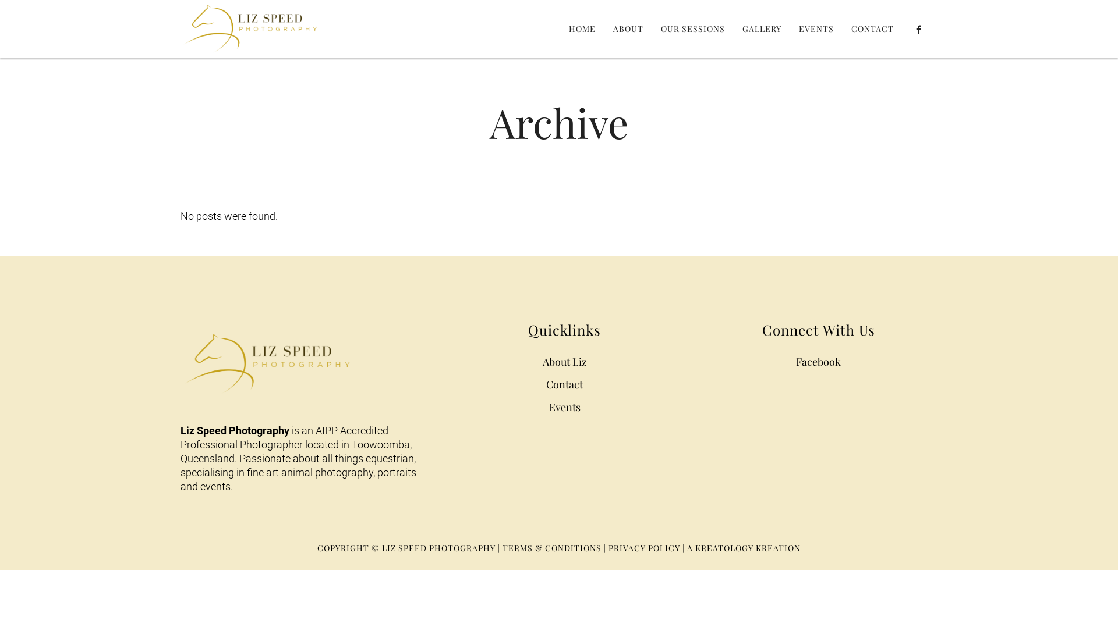 The width and height of the screenshot is (1118, 628). What do you see at coordinates (872, 28) in the screenshot?
I see `'CONTACT'` at bounding box center [872, 28].